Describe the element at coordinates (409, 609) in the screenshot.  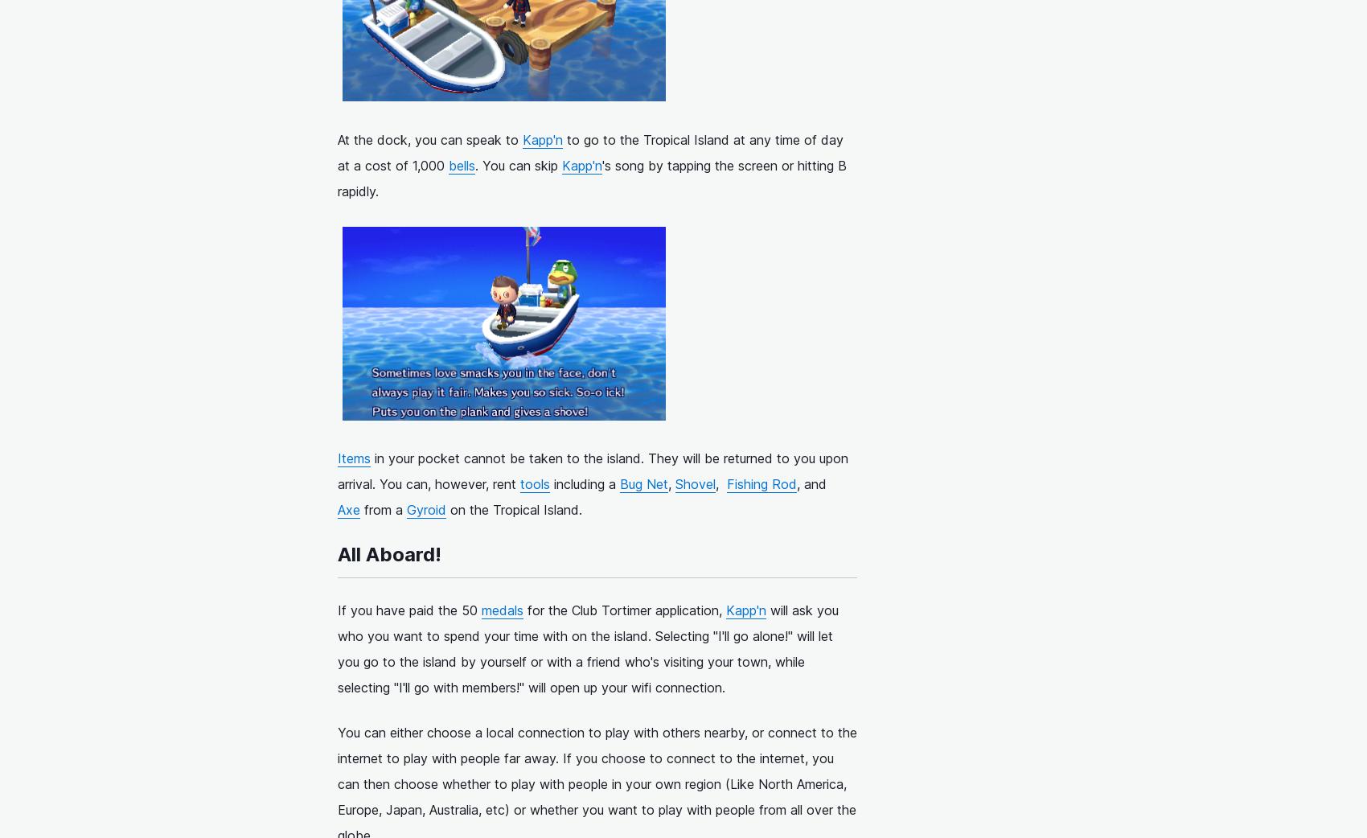
I see `'If you have paid the 50'` at that location.